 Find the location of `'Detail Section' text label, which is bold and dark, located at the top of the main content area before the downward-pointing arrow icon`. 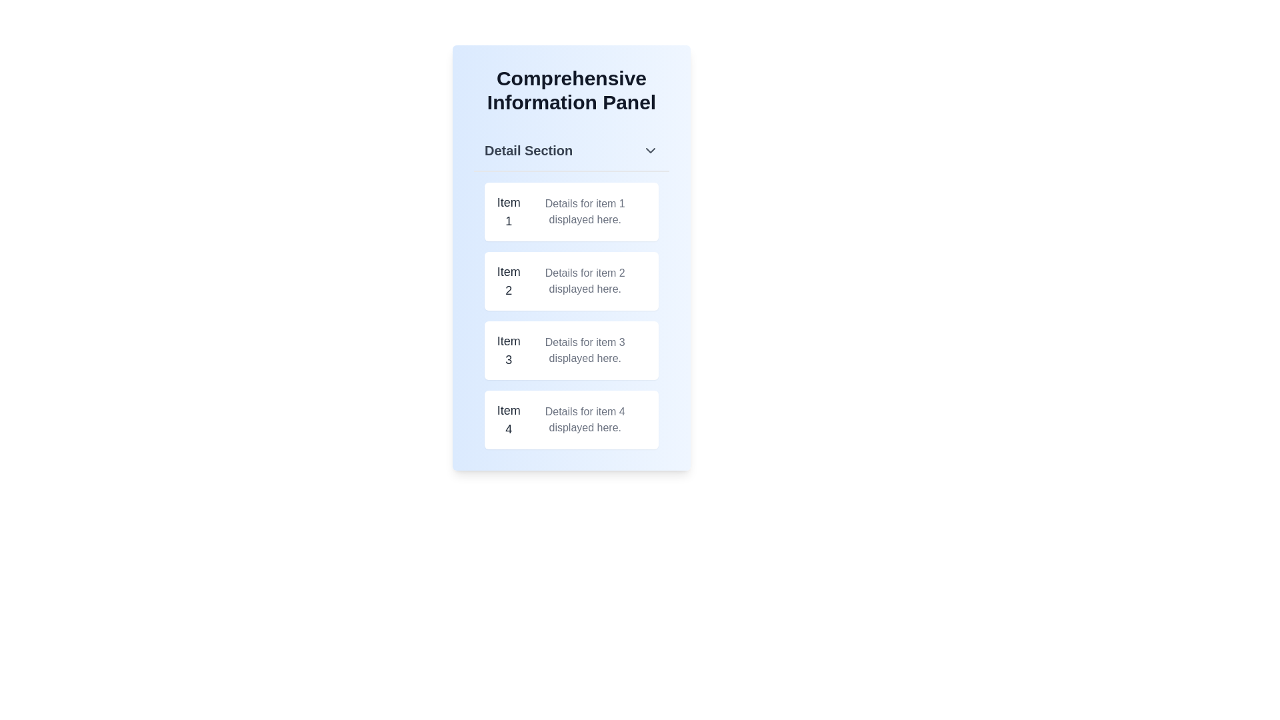

'Detail Section' text label, which is bold and dark, located at the top of the main content area before the downward-pointing arrow icon is located at coordinates (528, 150).